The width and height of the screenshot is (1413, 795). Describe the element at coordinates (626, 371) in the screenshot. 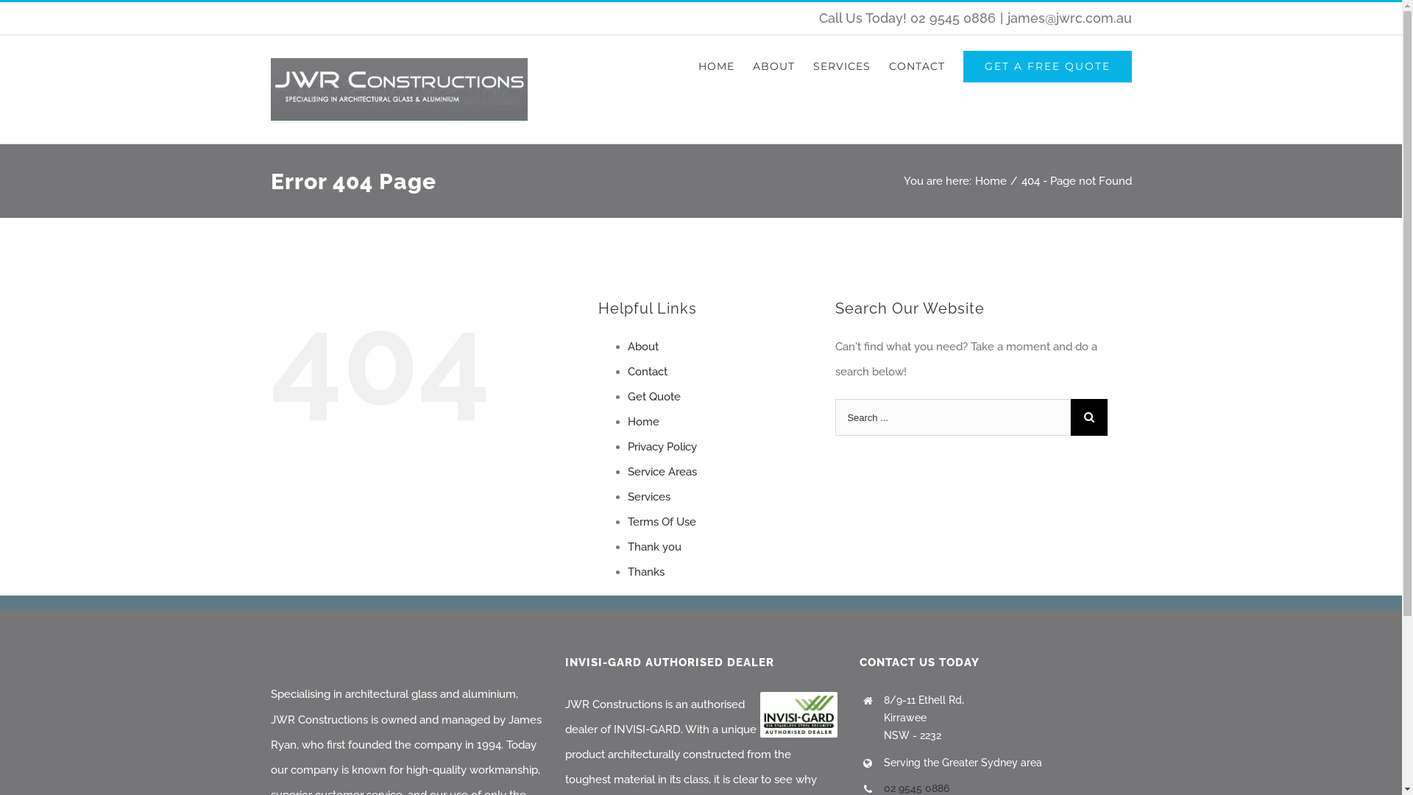

I see `'Contact'` at that location.